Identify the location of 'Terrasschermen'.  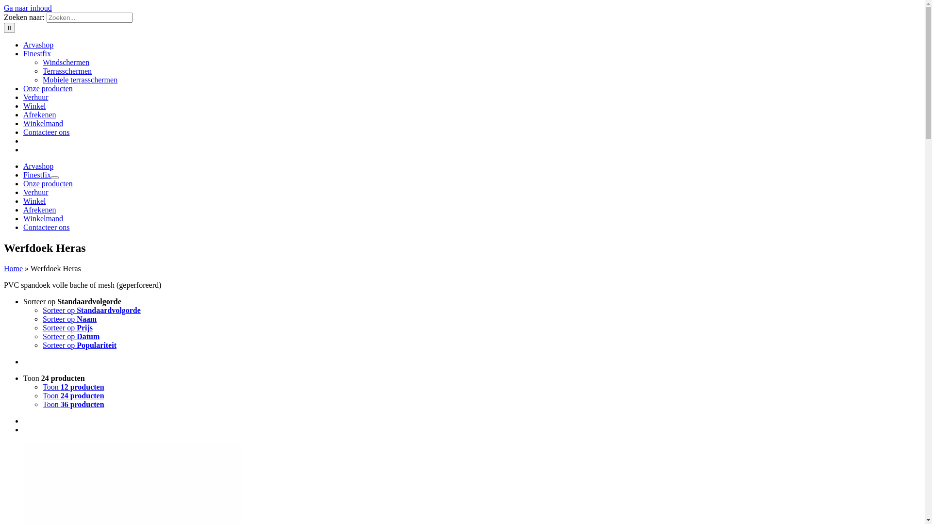
(67, 70).